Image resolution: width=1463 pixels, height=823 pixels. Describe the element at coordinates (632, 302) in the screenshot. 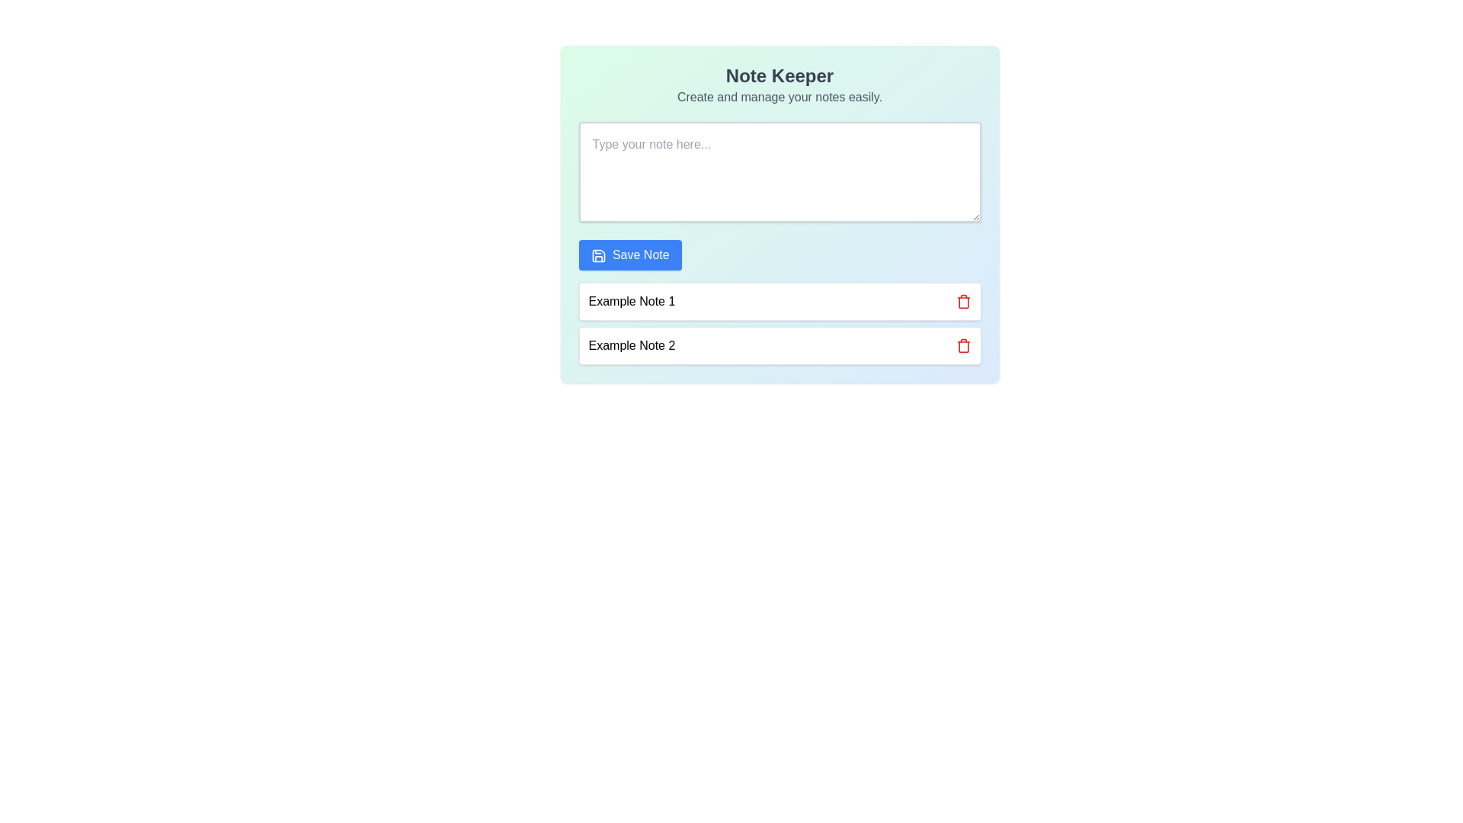

I see `the Text label that displays the title or content of the first note entry in the list of notes` at that location.